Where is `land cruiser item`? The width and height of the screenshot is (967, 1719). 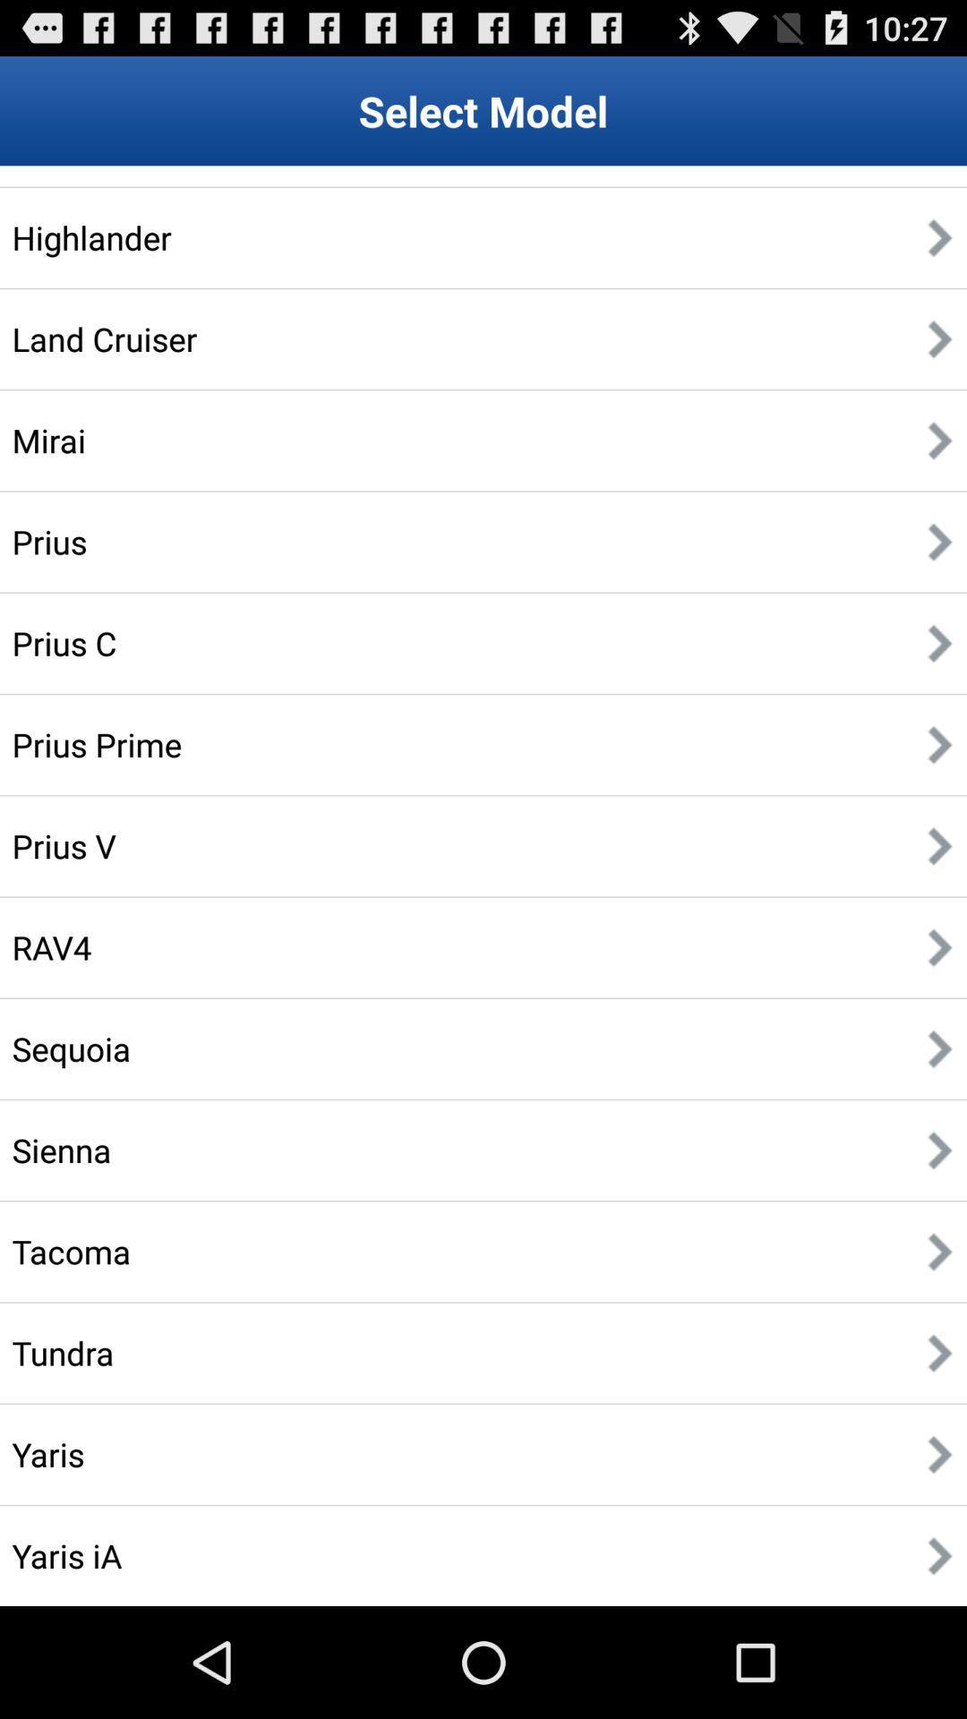
land cruiser item is located at coordinates (104, 338).